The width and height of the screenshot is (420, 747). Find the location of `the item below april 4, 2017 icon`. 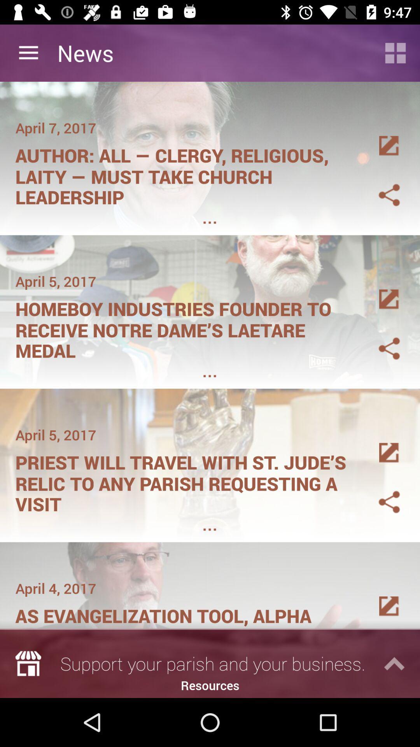

the item below april 4, 2017 icon is located at coordinates (185, 613).